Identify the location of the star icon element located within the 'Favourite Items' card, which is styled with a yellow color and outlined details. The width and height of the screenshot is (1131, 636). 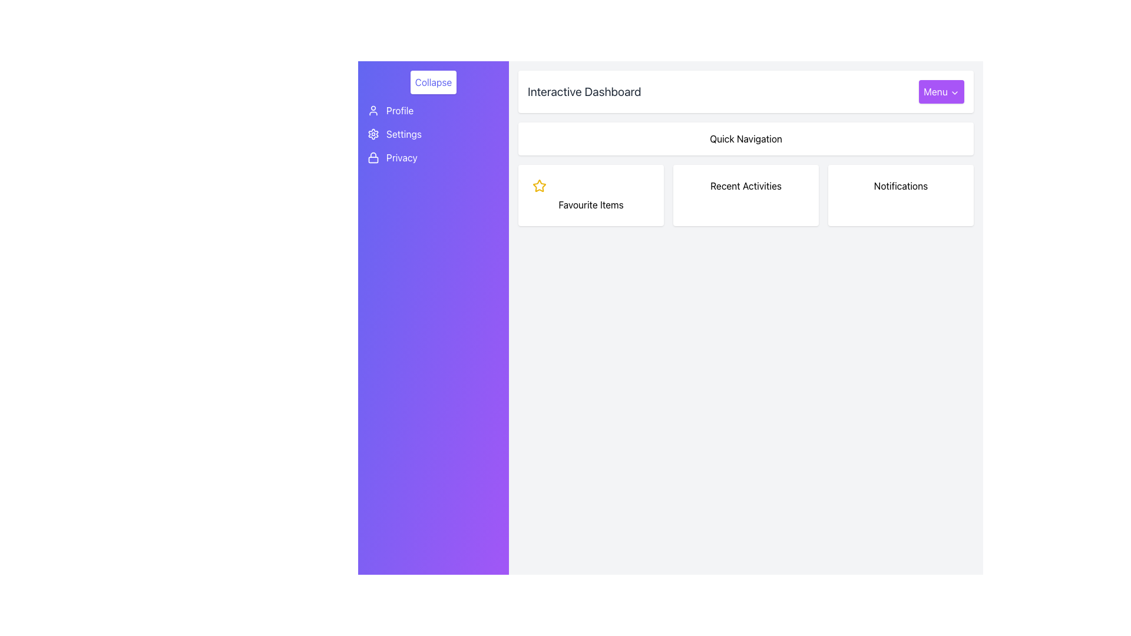
(539, 185).